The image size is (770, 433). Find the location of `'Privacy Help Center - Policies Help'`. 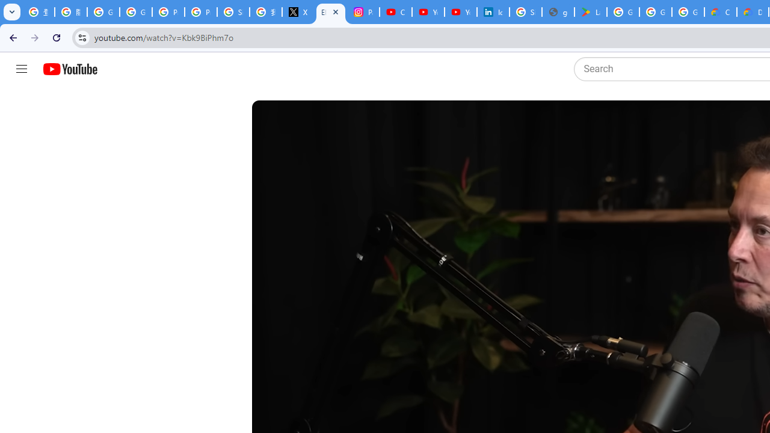

'Privacy Help Center - Policies Help' is located at coordinates (201, 12).